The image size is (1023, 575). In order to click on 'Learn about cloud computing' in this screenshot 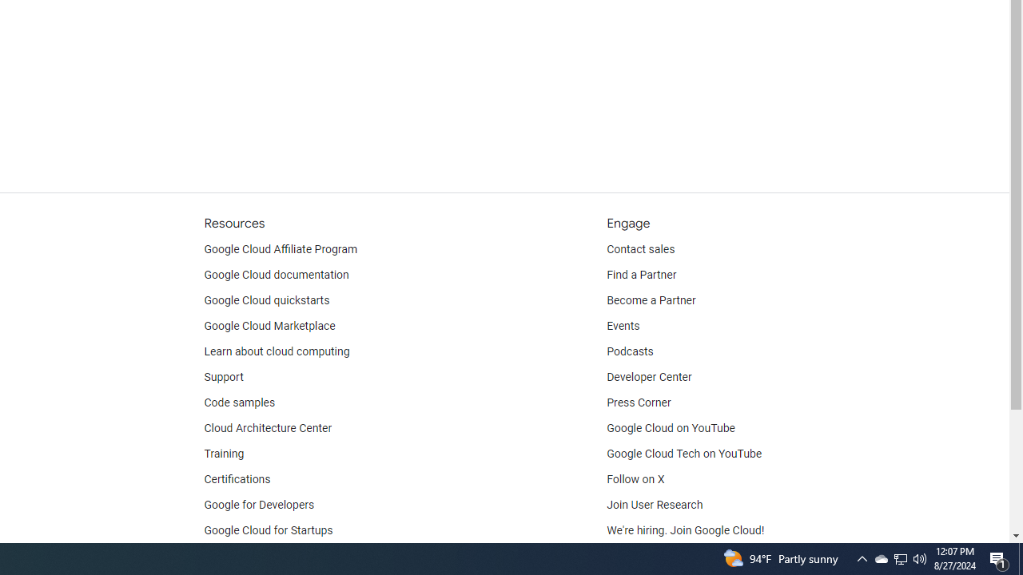, I will do `click(277, 351)`.